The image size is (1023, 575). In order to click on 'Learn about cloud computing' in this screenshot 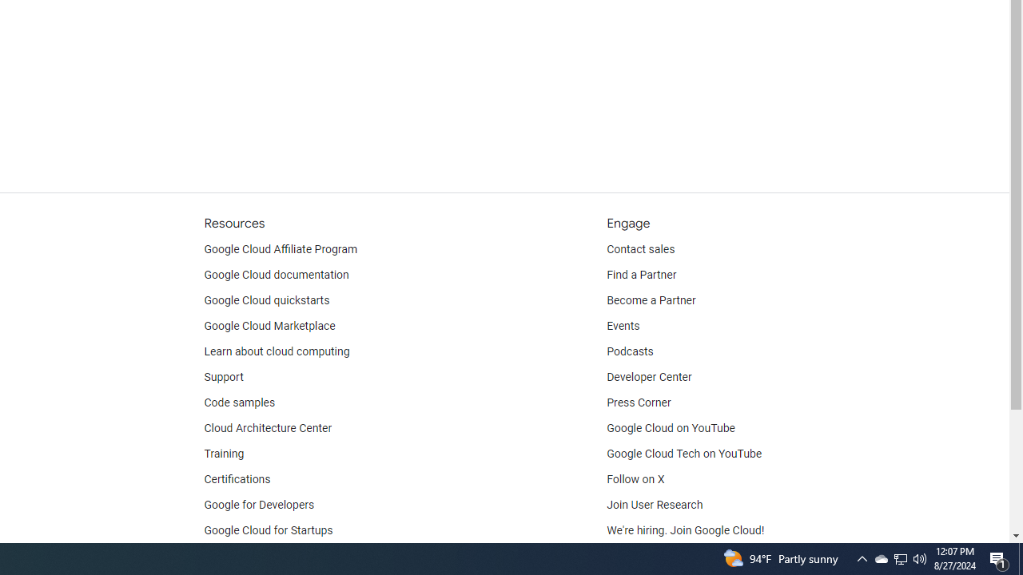, I will do `click(277, 351)`.